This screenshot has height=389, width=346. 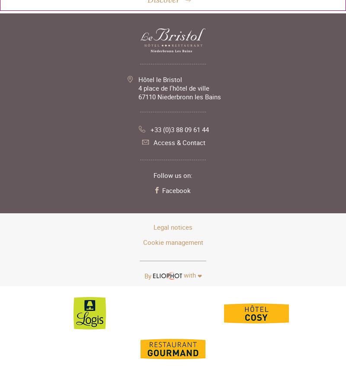 What do you see at coordinates (159, 78) in the screenshot?
I see `'Hôtel le Bristol'` at bounding box center [159, 78].